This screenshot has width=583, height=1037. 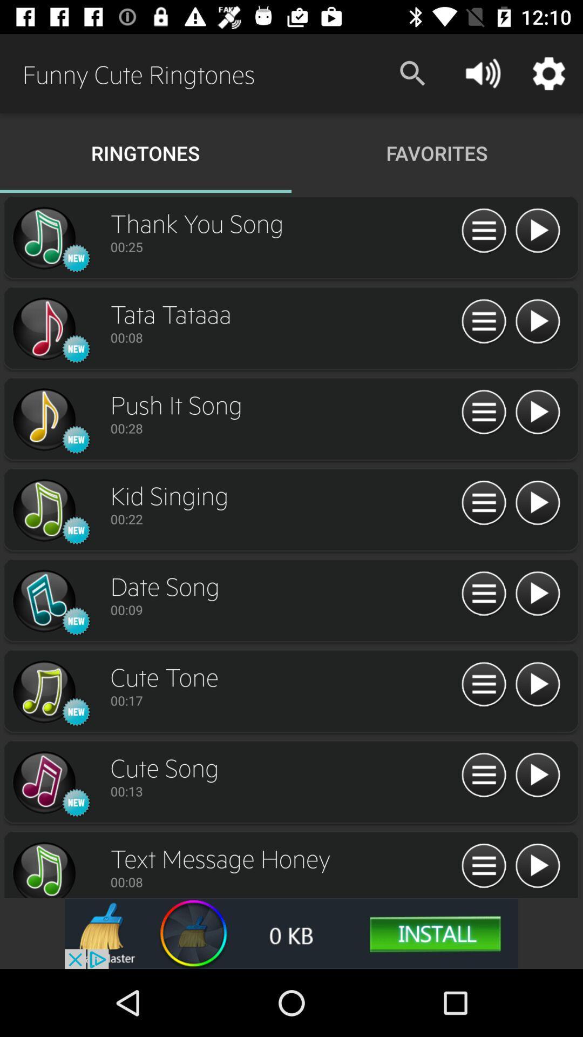 What do you see at coordinates (537, 775) in the screenshot?
I see `song` at bounding box center [537, 775].